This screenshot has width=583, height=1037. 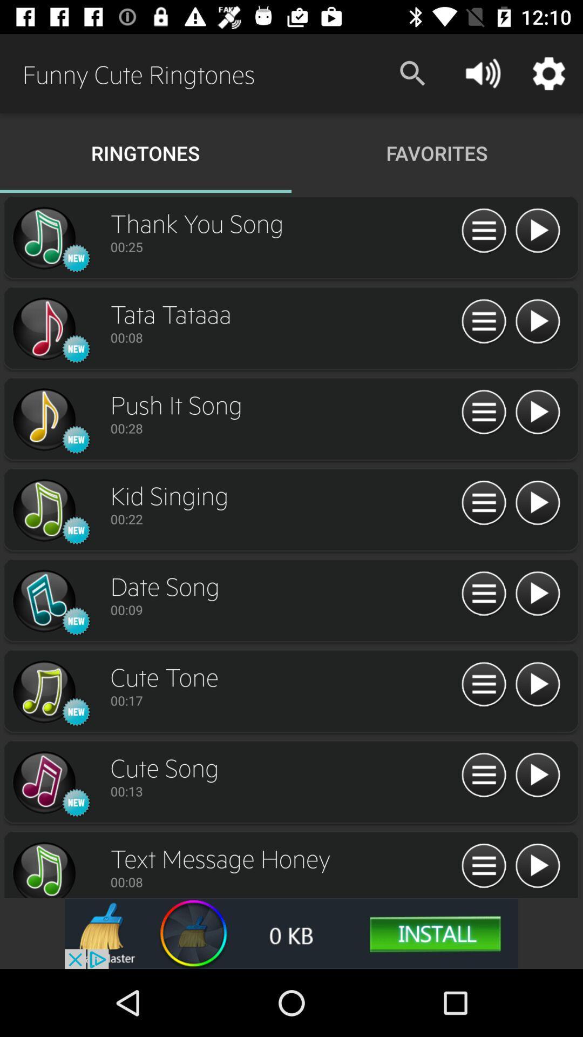 What do you see at coordinates (537, 775) in the screenshot?
I see `song` at bounding box center [537, 775].